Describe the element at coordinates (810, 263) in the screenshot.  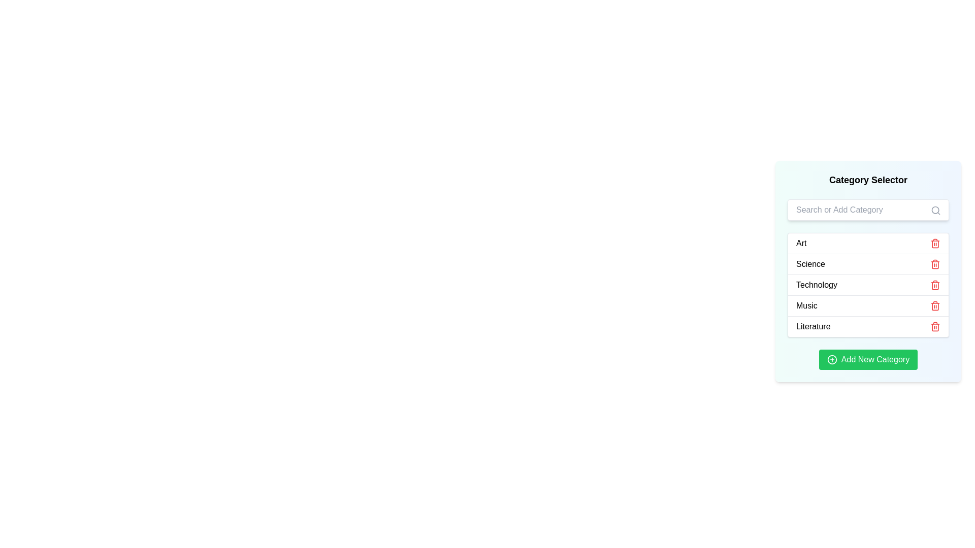
I see `the 'Science' category label in the Category Selector section` at that location.